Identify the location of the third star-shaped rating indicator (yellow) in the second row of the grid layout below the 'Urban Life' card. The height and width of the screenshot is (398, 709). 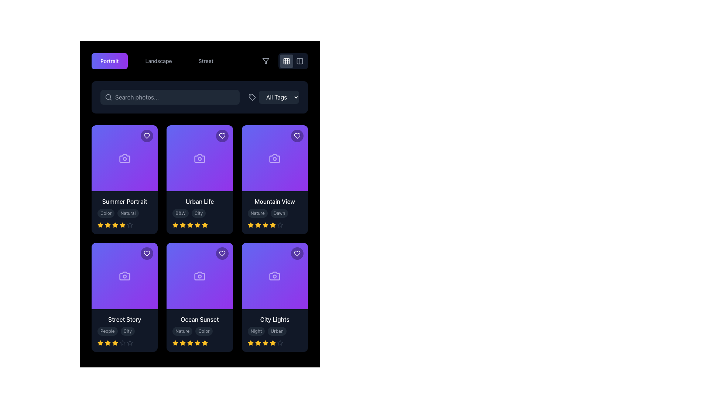
(175, 225).